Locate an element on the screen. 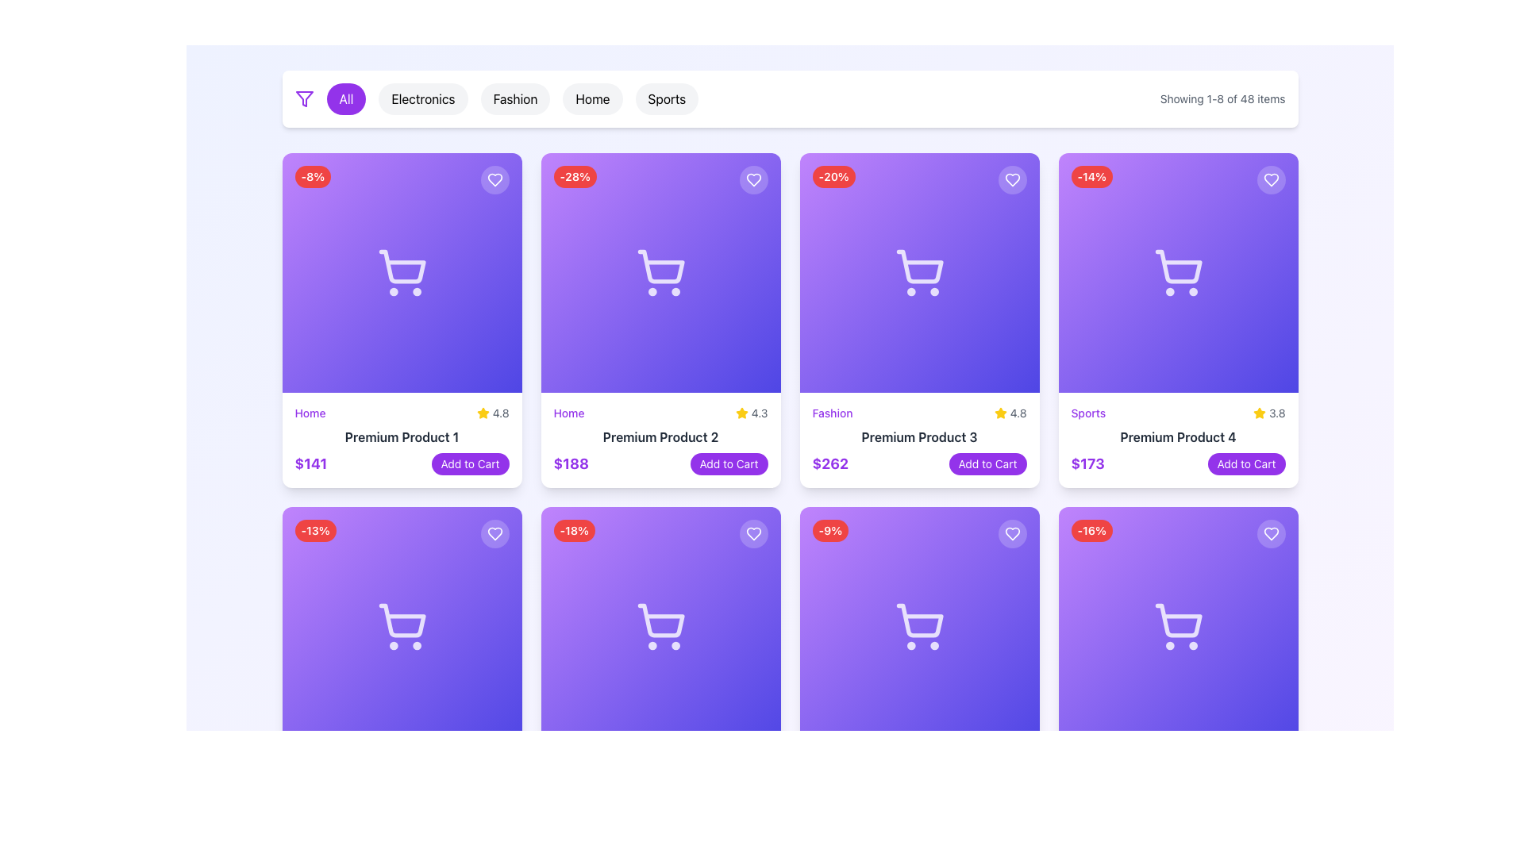  the yellow star-shaped icon representing a rating indicator, which is located above the rating value '4.8' is located at coordinates (999, 412).